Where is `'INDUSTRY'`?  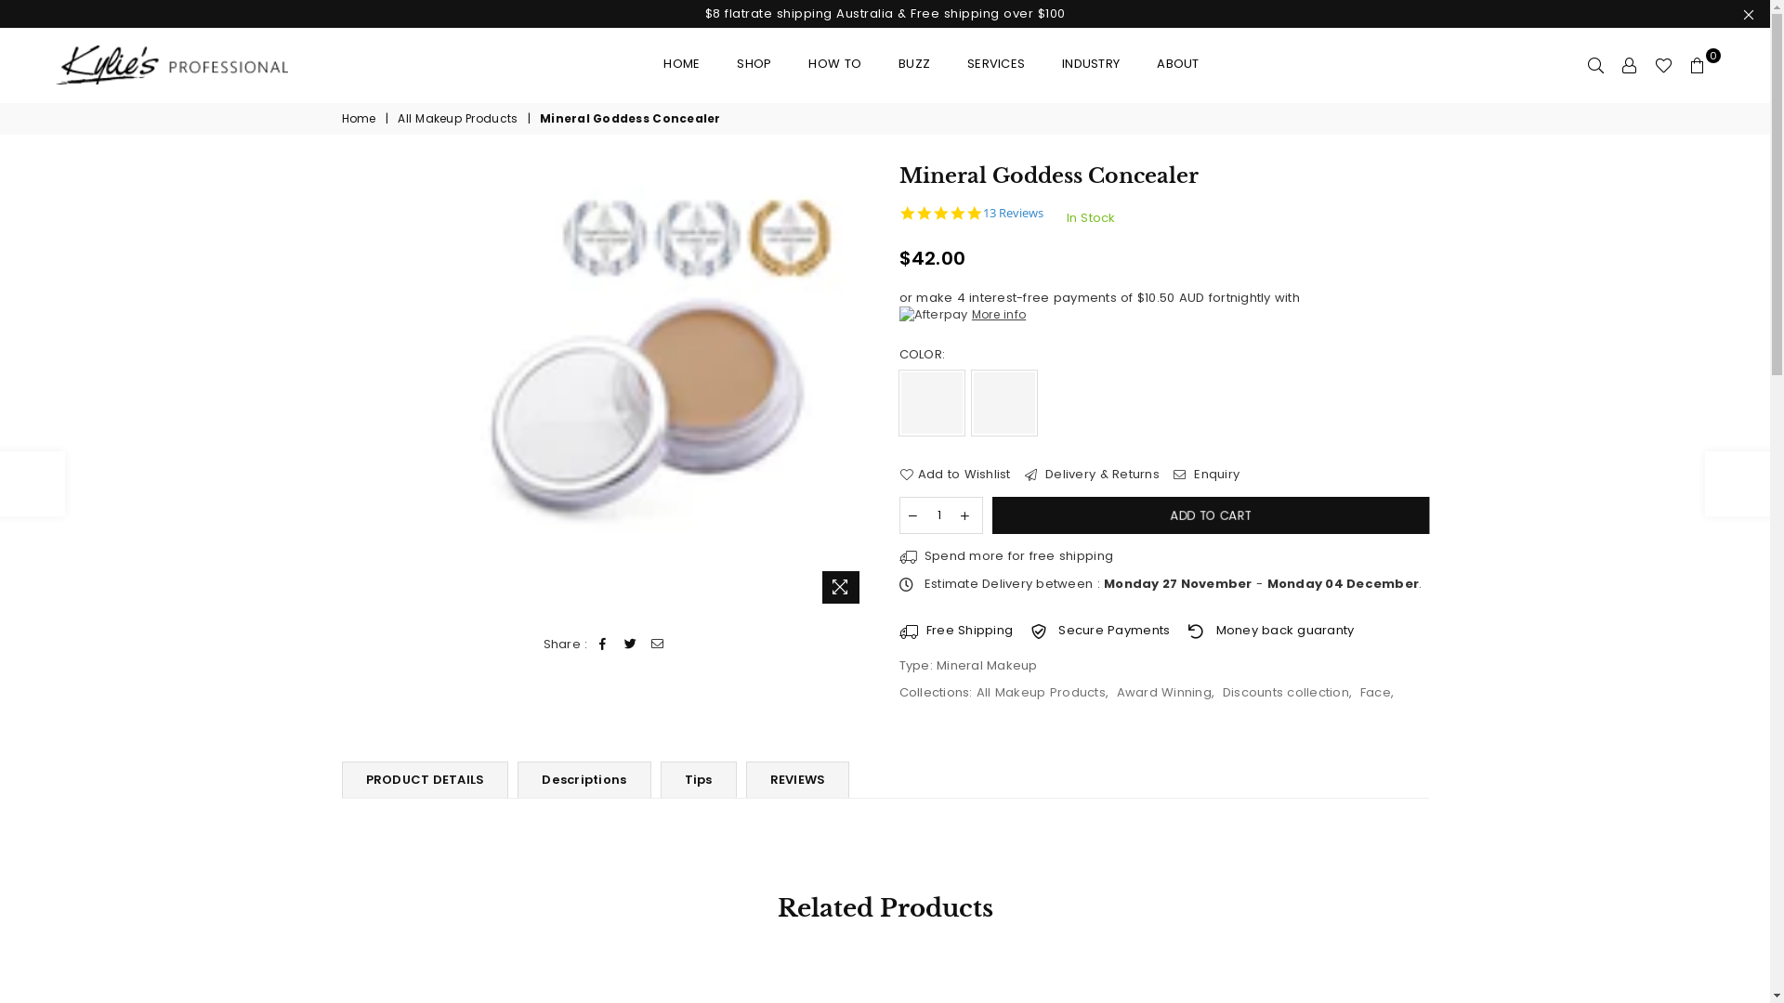
'INDUSTRY' is located at coordinates (1091, 63).